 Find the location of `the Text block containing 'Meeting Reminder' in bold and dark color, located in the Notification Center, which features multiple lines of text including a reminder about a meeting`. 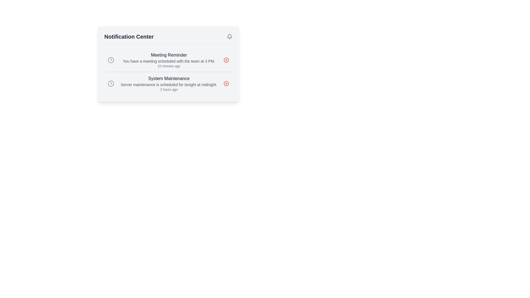

the Text block containing 'Meeting Reminder' in bold and dark color, located in the Notification Center, which features multiple lines of text including a reminder about a meeting is located at coordinates (168, 60).